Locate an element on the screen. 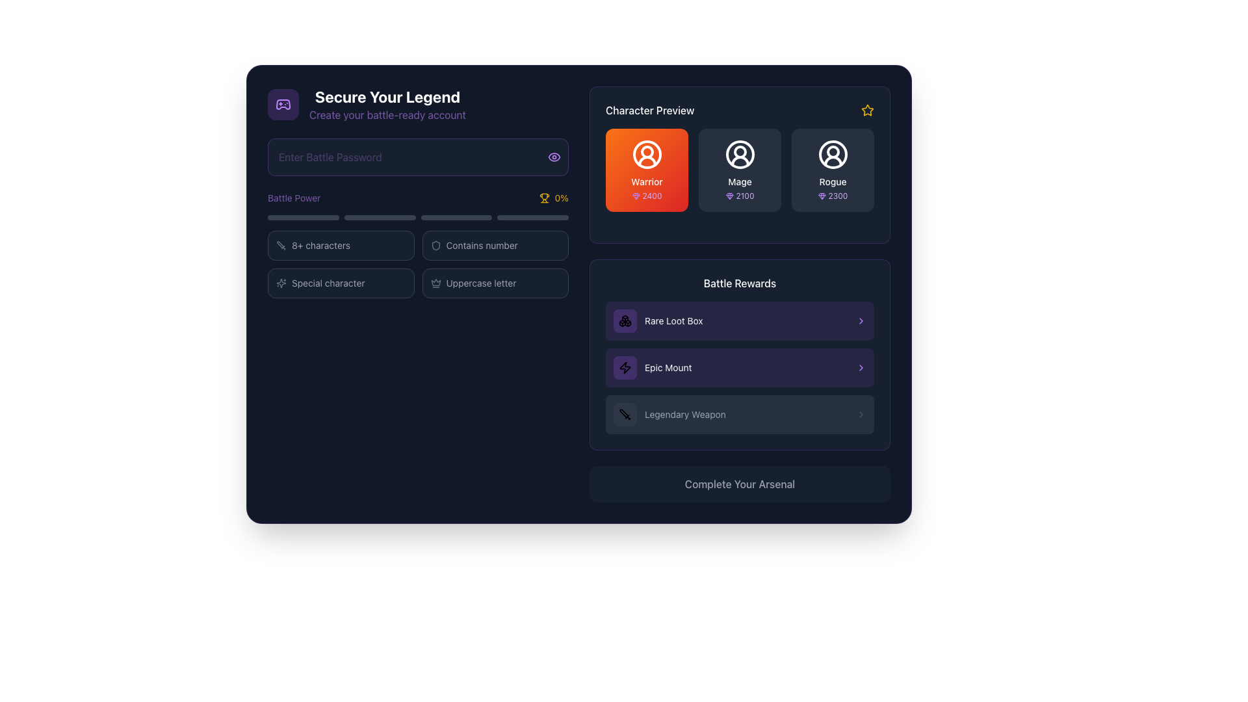 This screenshot has width=1248, height=702. the text label reading 'Legendary Weapon', which is styled in gray and located under the 'Battle Rewards' section as the third item is located at coordinates (684, 414).